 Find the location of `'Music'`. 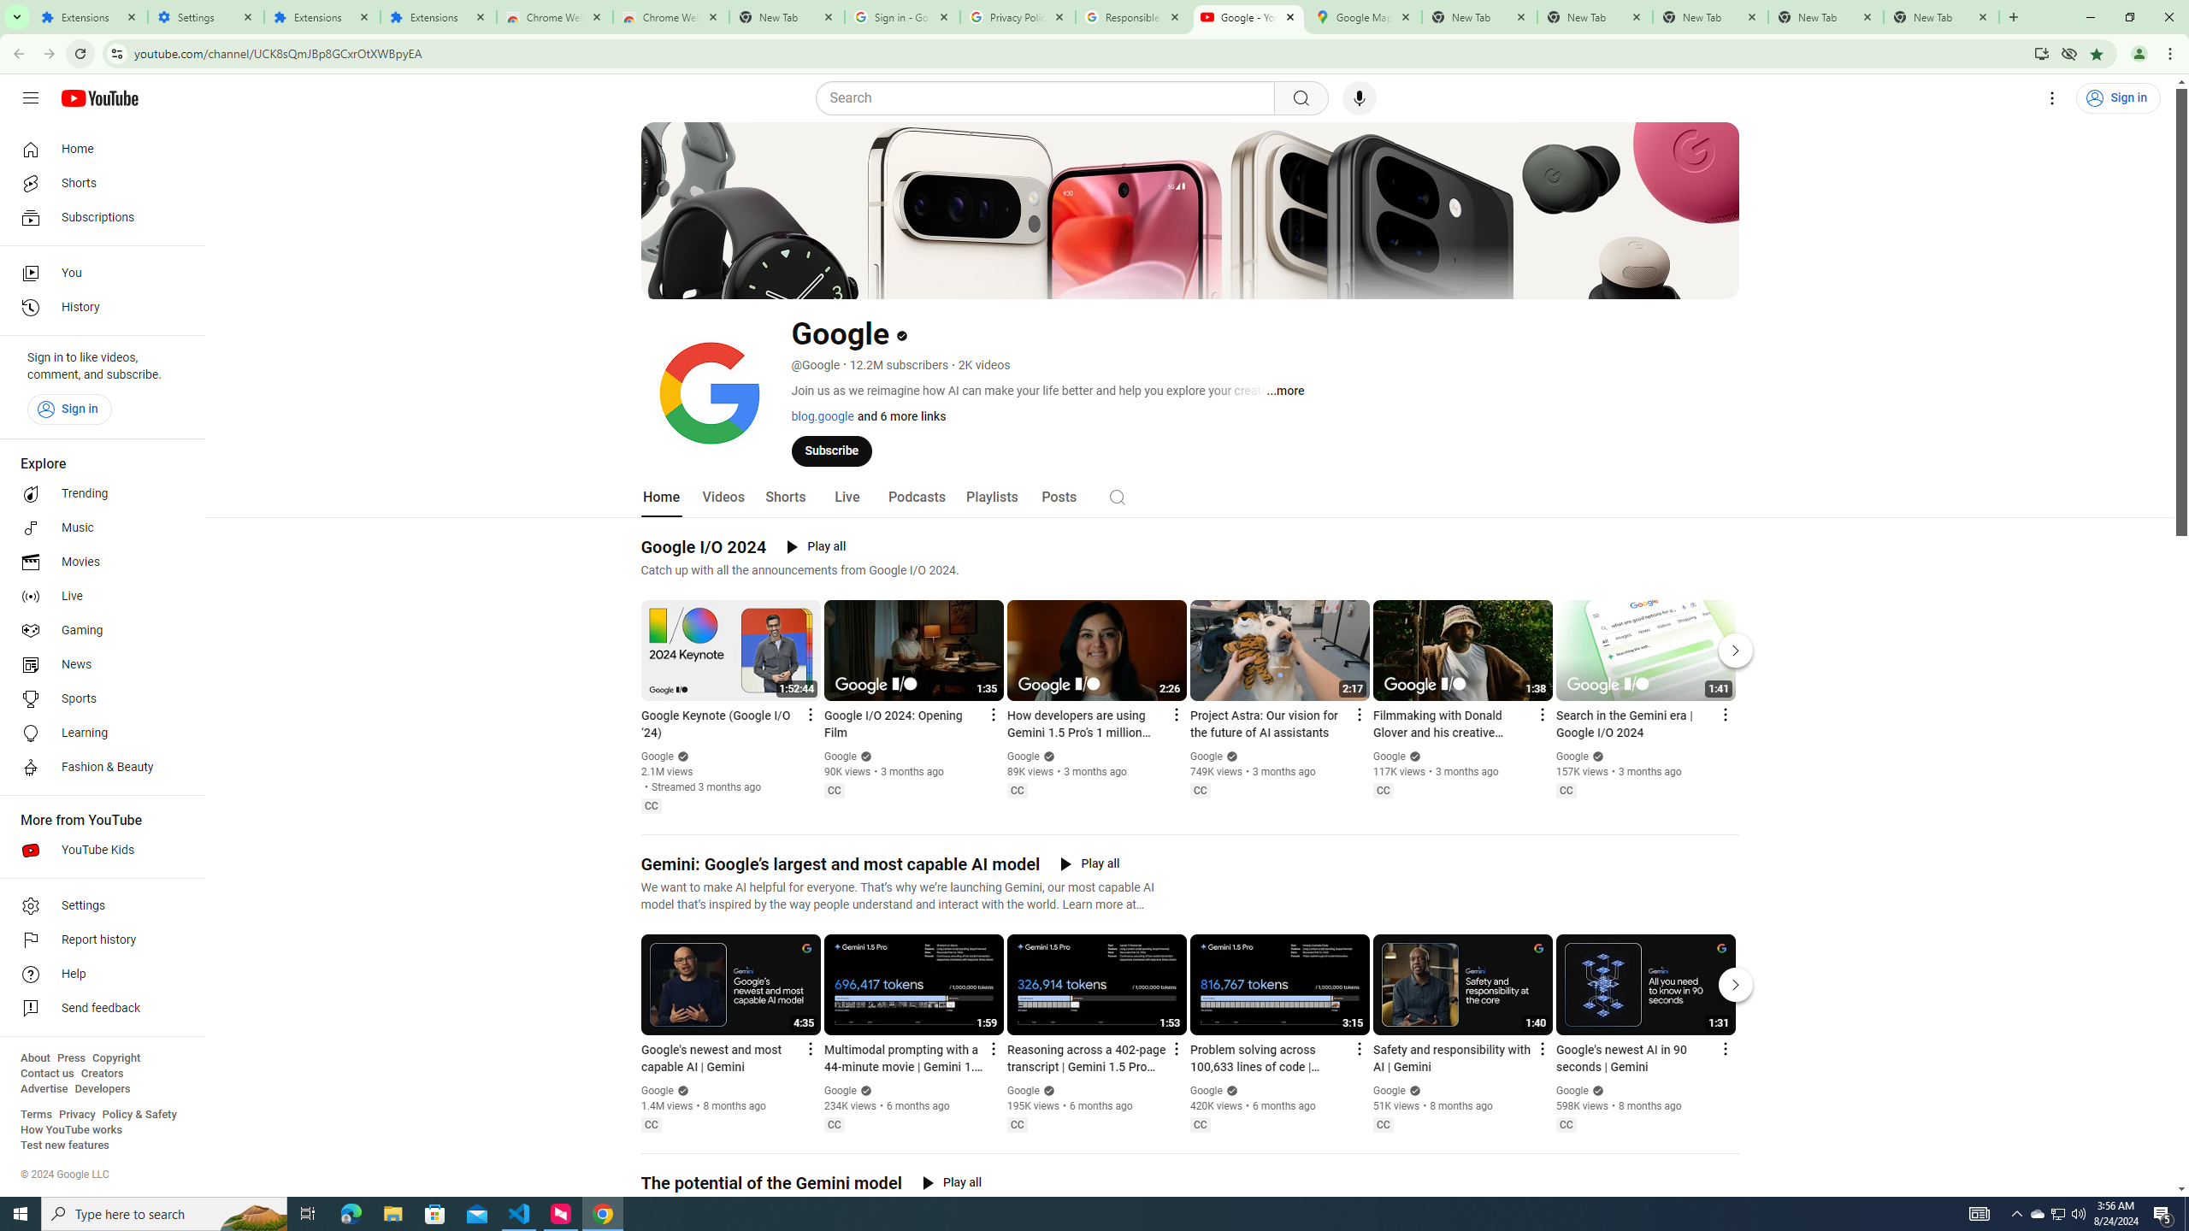

'Music' is located at coordinates (97, 527).